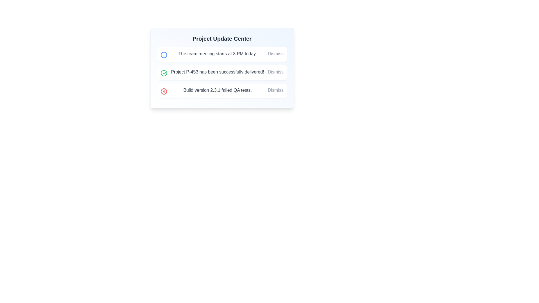 The image size is (539, 303). What do you see at coordinates (222, 91) in the screenshot?
I see `the third notification in the 'Project Update Center' containing the text 'Build version 2.3.1 failed QA tests.' and the 'Dismiss' button` at bounding box center [222, 91].